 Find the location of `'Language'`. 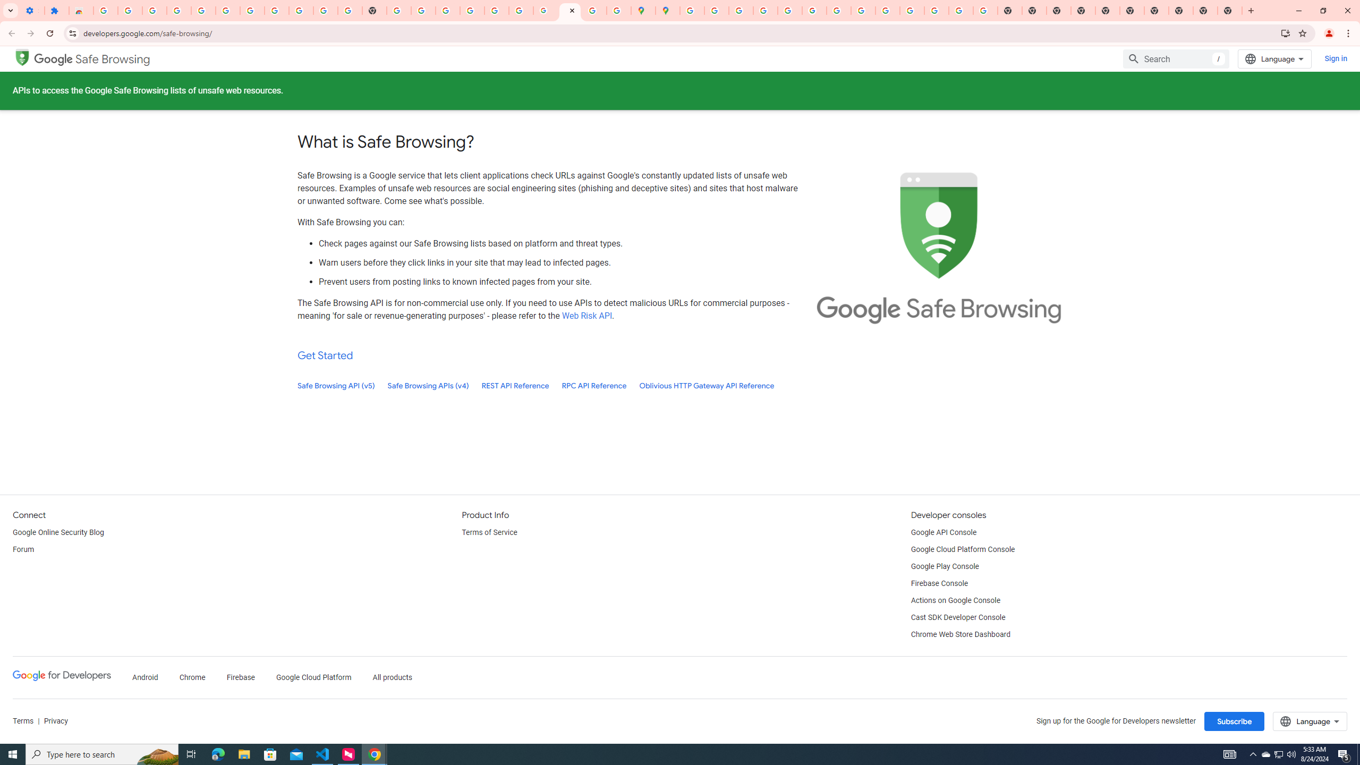

'Language' is located at coordinates (1310, 721).